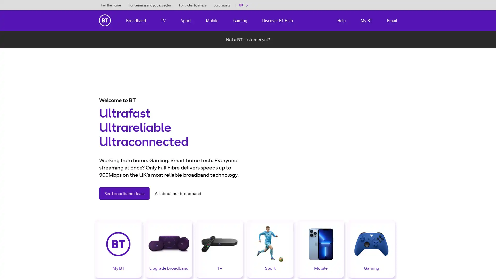 The width and height of the screenshot is (496, 279). I want to click on Not a BT customer yet?, so click(248, 39).